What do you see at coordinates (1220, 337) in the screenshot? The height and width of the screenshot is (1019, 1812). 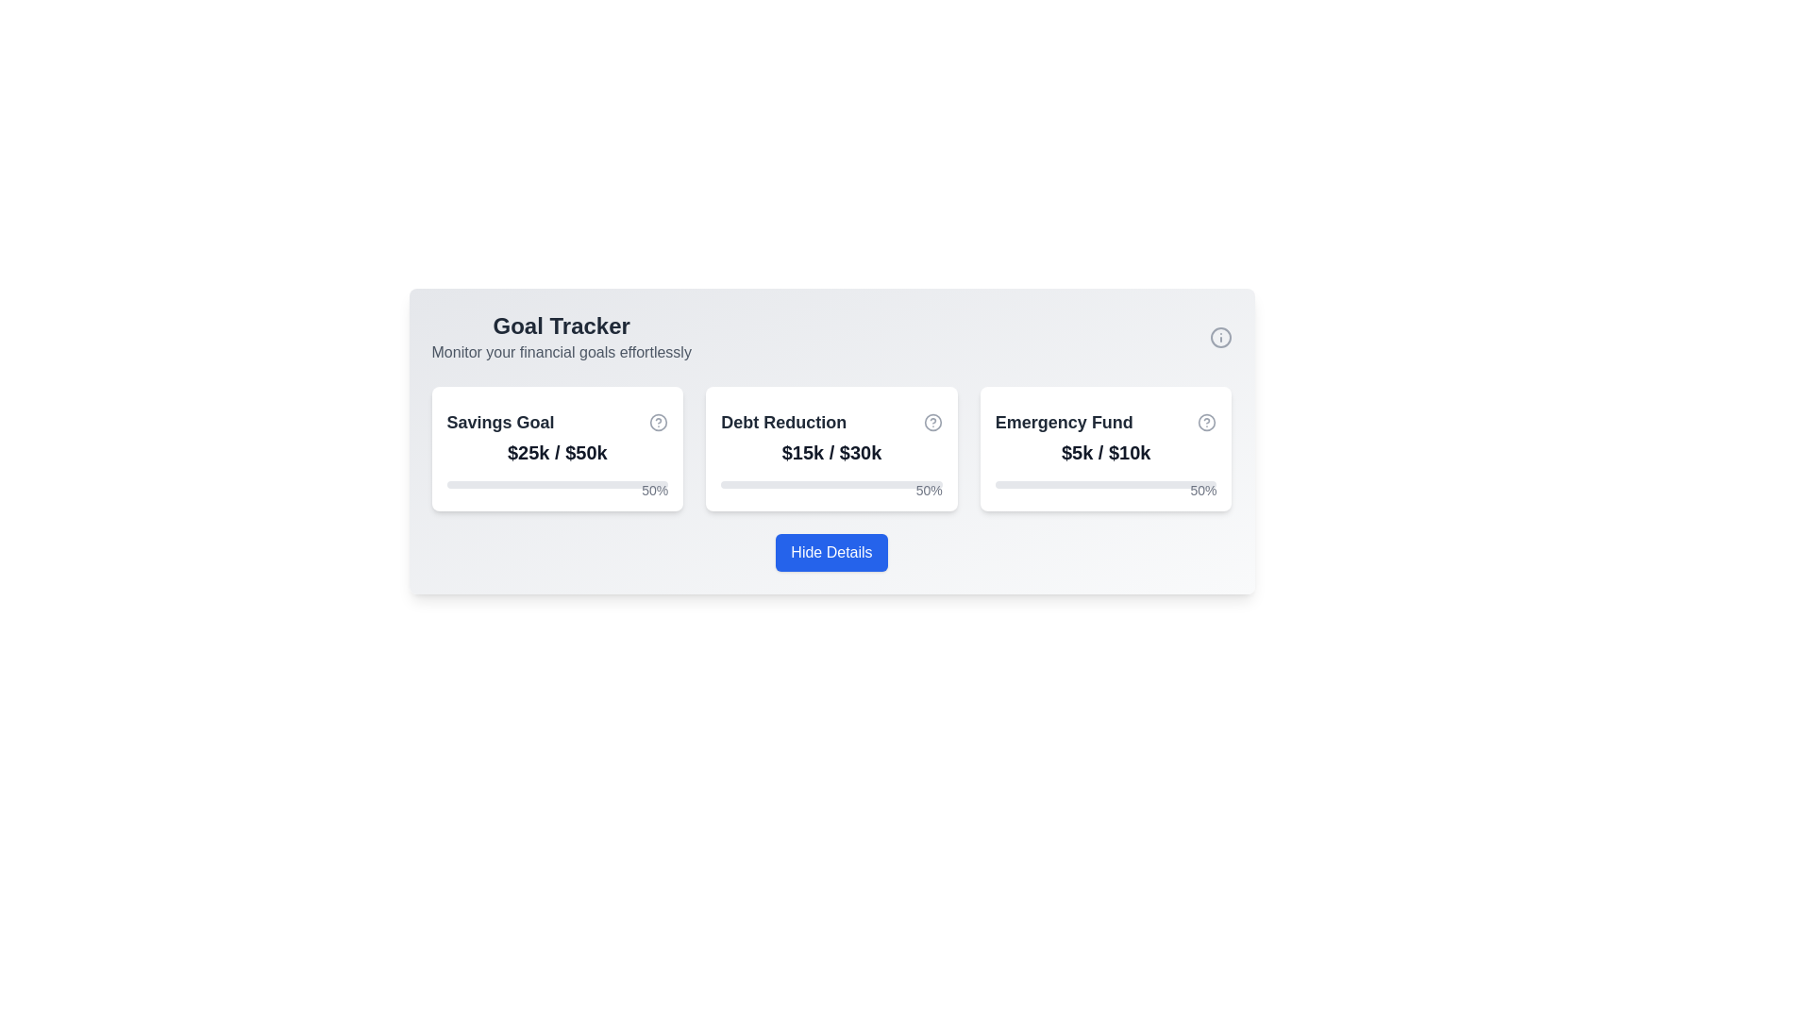 I see `the help or details indicator icon located in the top-right corner of the financial goals panel` at bounding box center [1220, 337].